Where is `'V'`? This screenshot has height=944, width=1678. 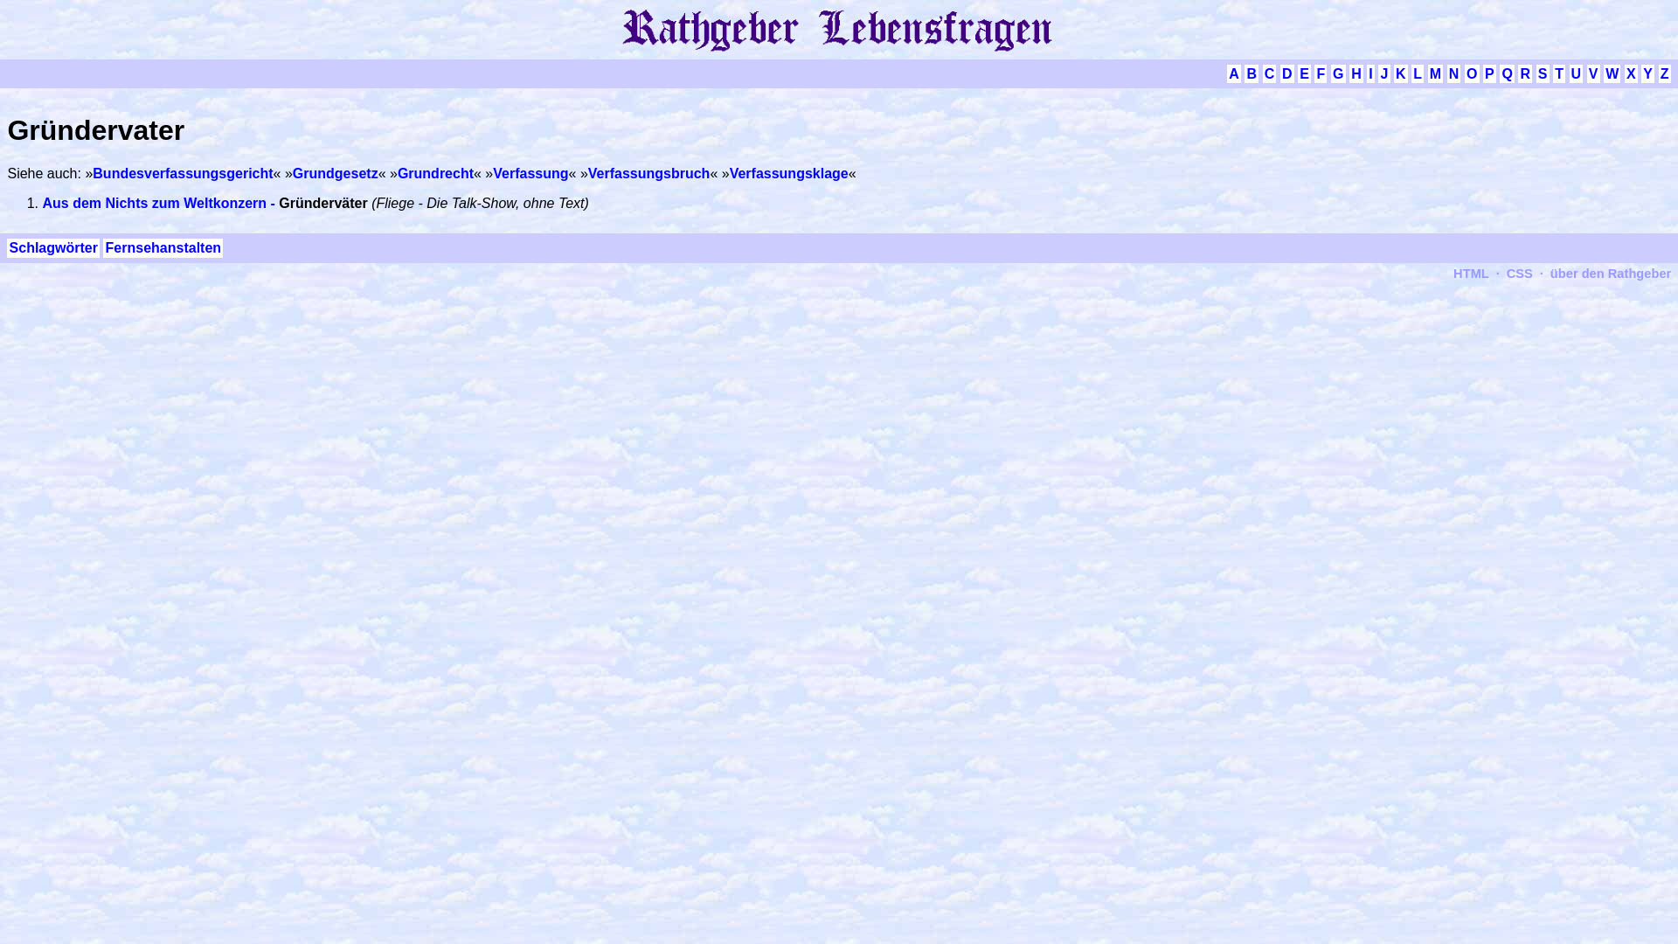 'V' is located at coordinates (1593, 73).